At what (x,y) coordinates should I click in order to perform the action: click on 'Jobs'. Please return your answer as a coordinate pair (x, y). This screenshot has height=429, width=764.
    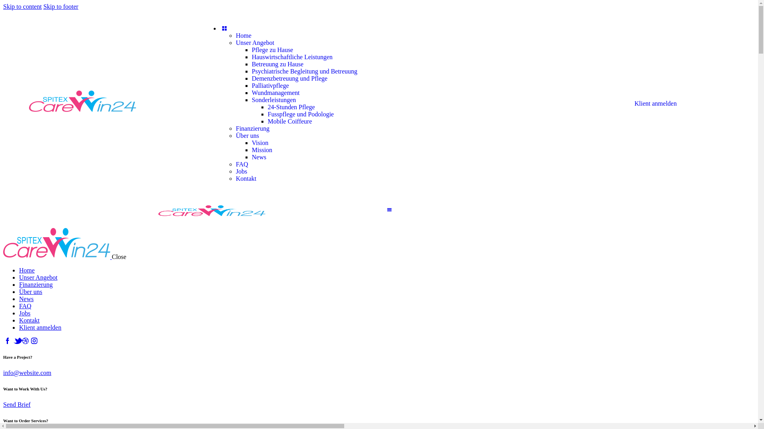
    Looking at the image, I should click on (19, 313).